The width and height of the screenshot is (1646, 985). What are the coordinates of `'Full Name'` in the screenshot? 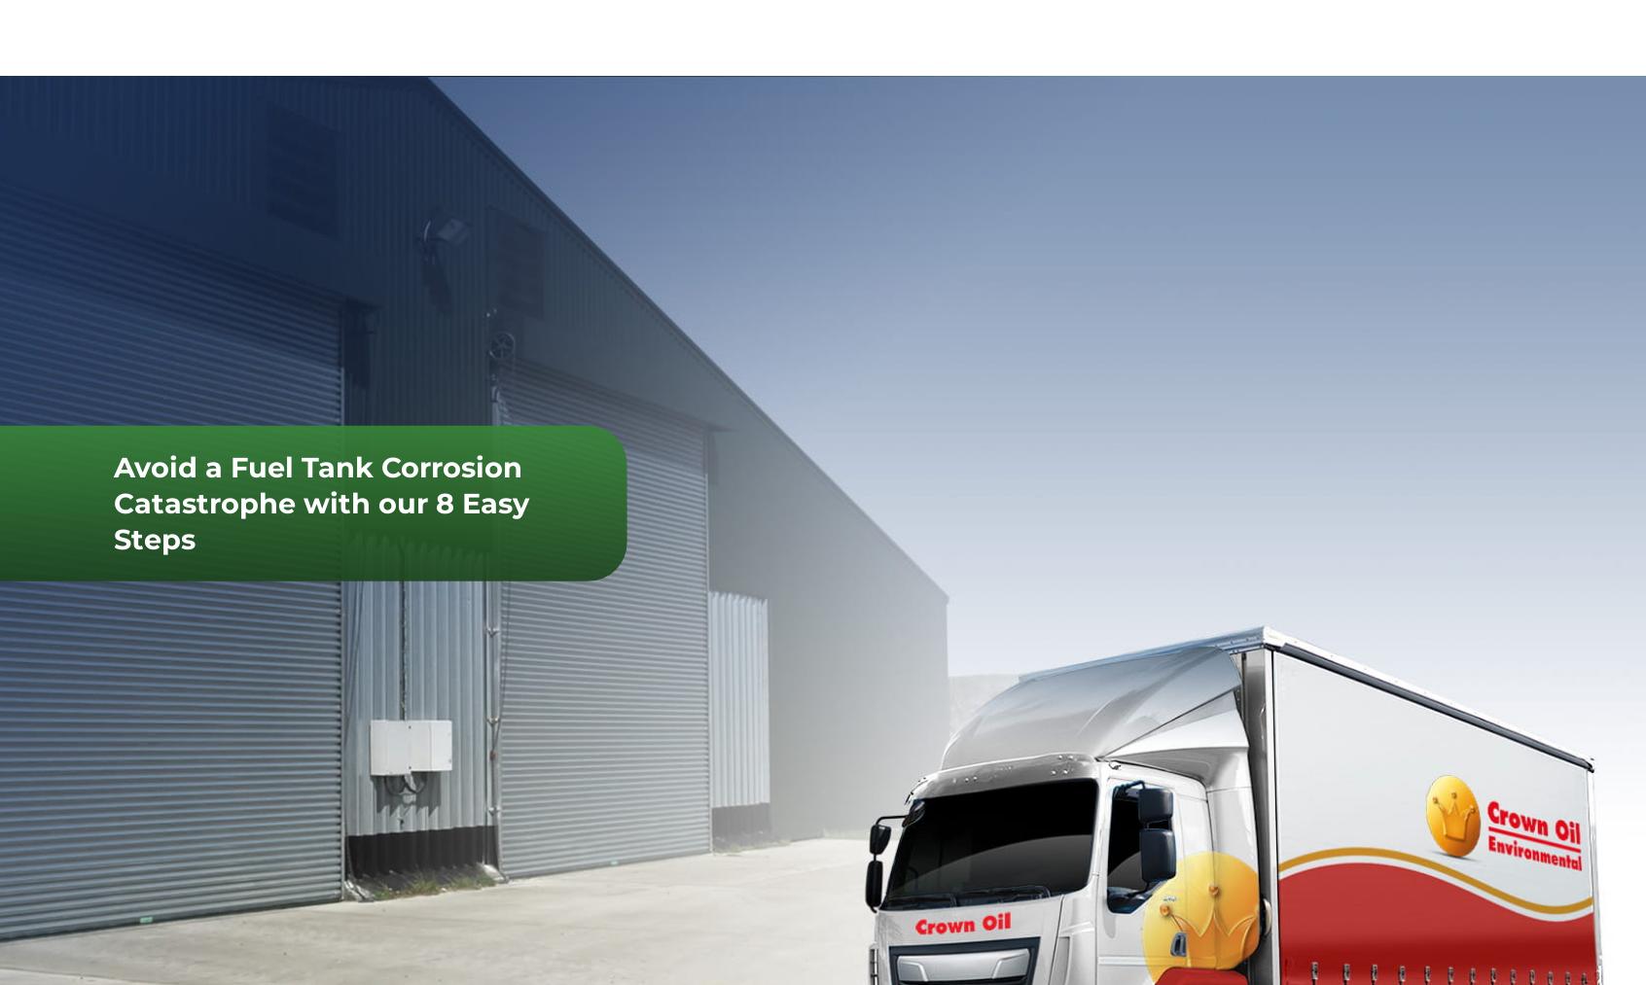 It's located at (1361, 739).